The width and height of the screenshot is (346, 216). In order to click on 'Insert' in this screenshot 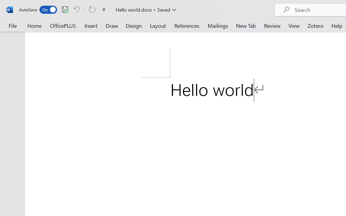, I will do `click(91, 25)`.